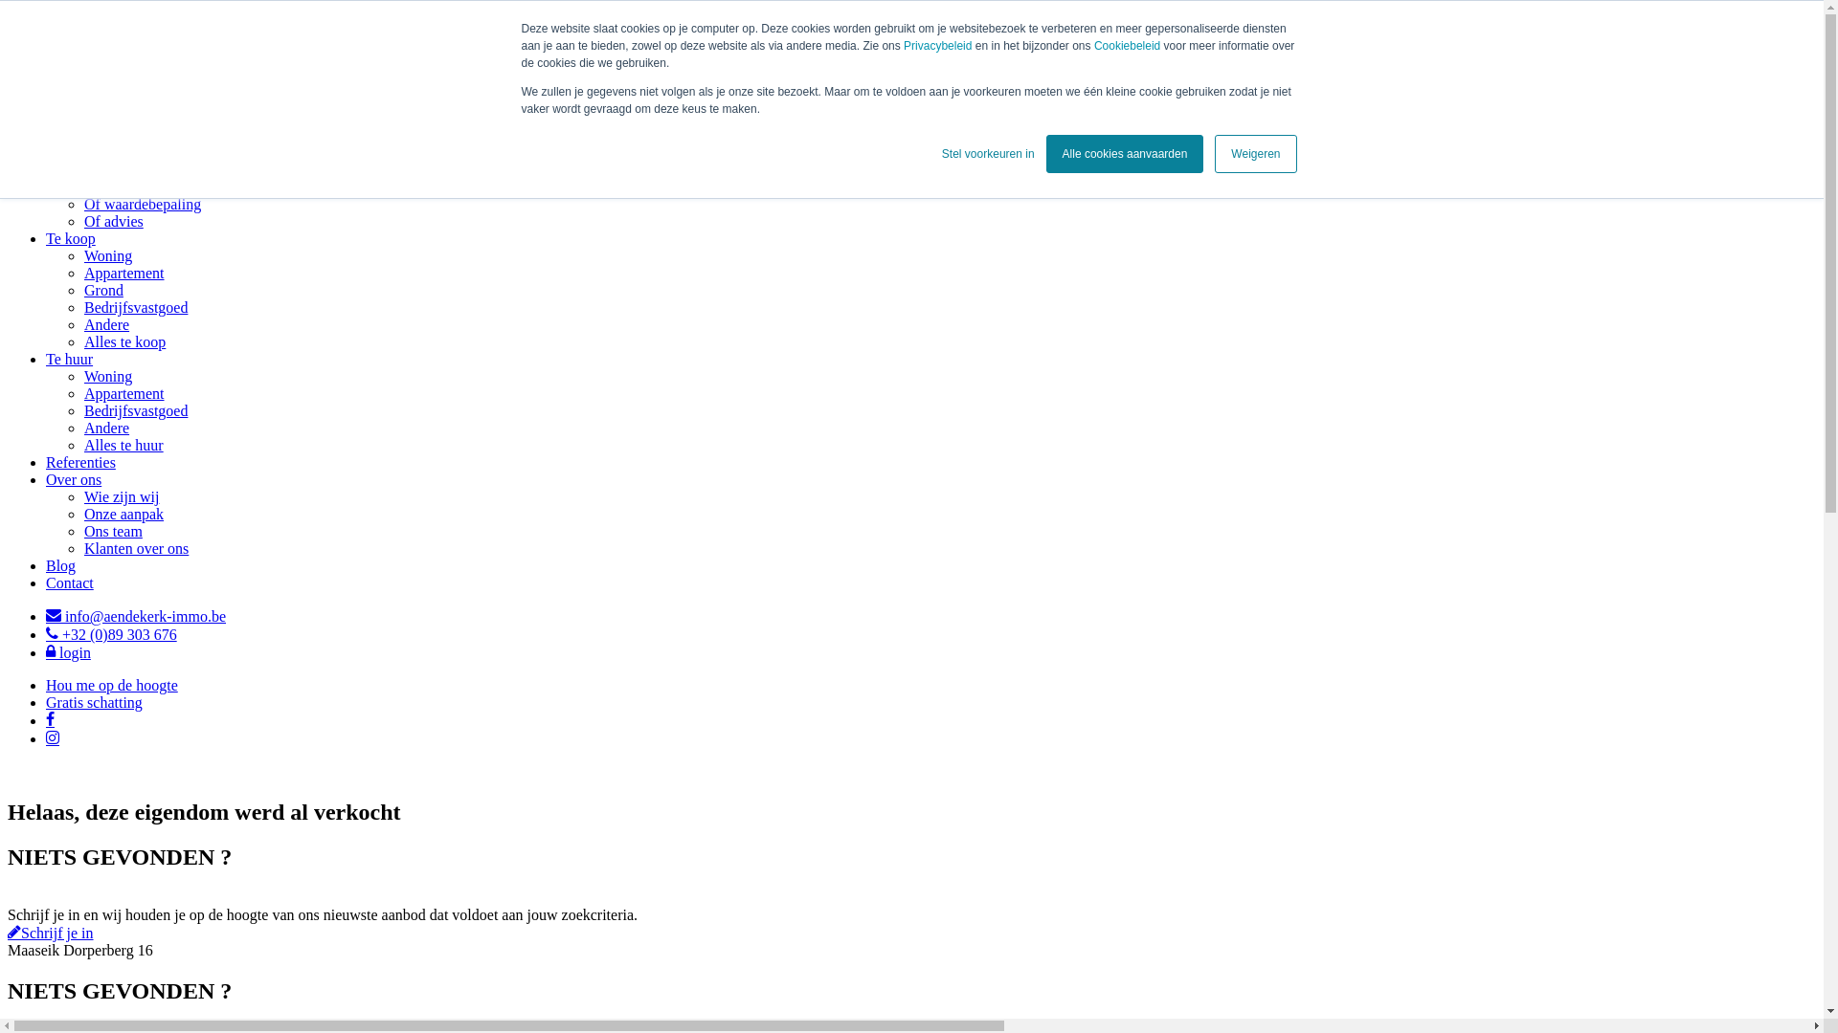  I want to click on 'Alle cookies aanvaarden', so click(1125, 153).